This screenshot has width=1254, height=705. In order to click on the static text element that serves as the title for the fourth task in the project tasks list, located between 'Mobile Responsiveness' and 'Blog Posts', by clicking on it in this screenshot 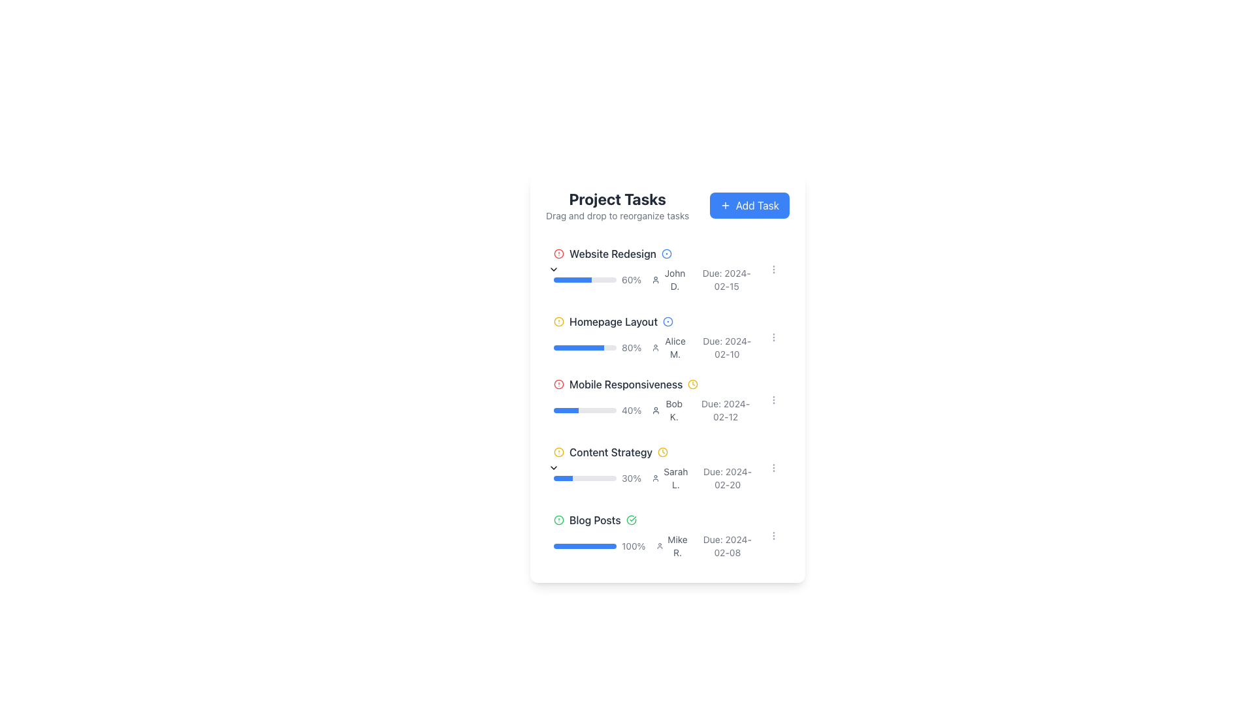, I will do `click(610, 452)`.